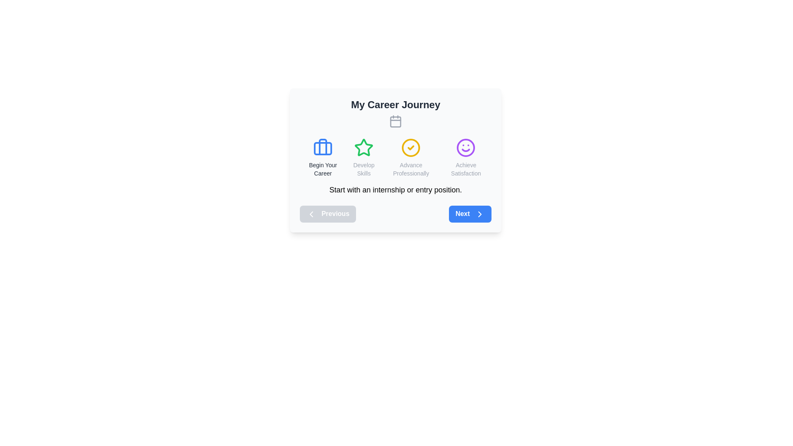  I want to click on the 'Next' button located at the bottom right corner of the 'My Career Journey' panel, so click(395, 160).